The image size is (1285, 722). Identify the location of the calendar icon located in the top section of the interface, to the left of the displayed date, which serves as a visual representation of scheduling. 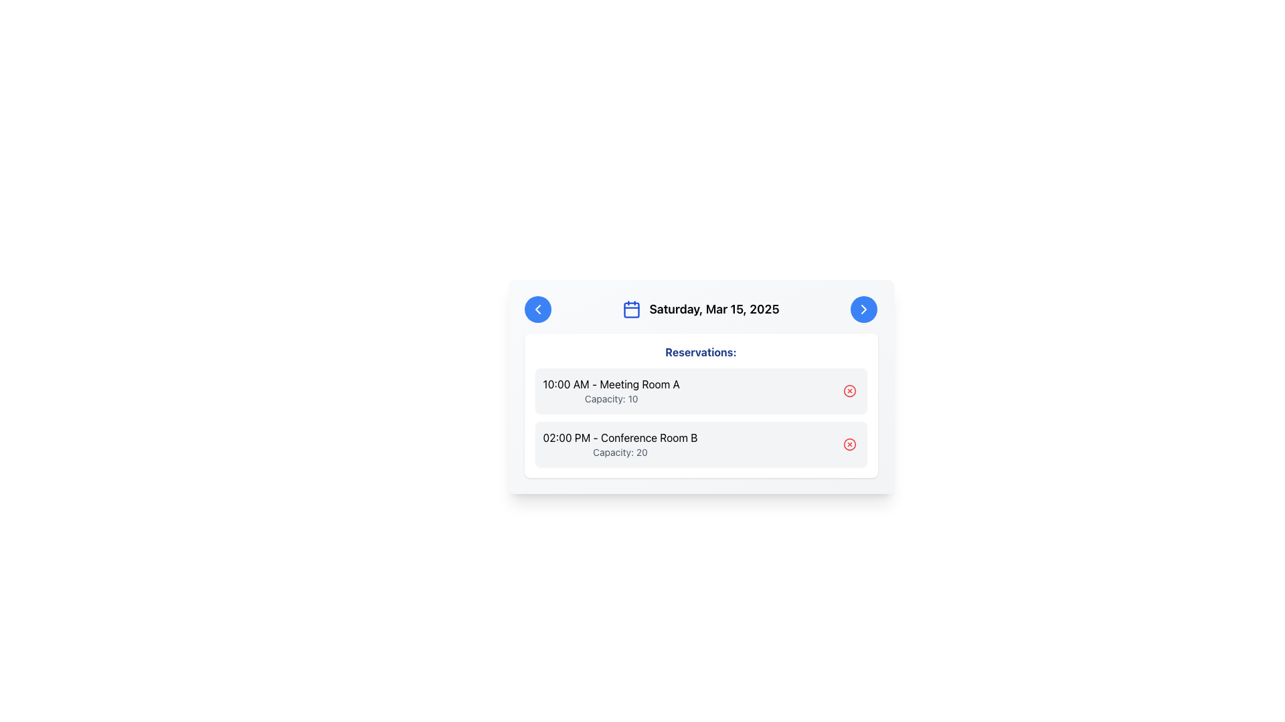
(631, 310).